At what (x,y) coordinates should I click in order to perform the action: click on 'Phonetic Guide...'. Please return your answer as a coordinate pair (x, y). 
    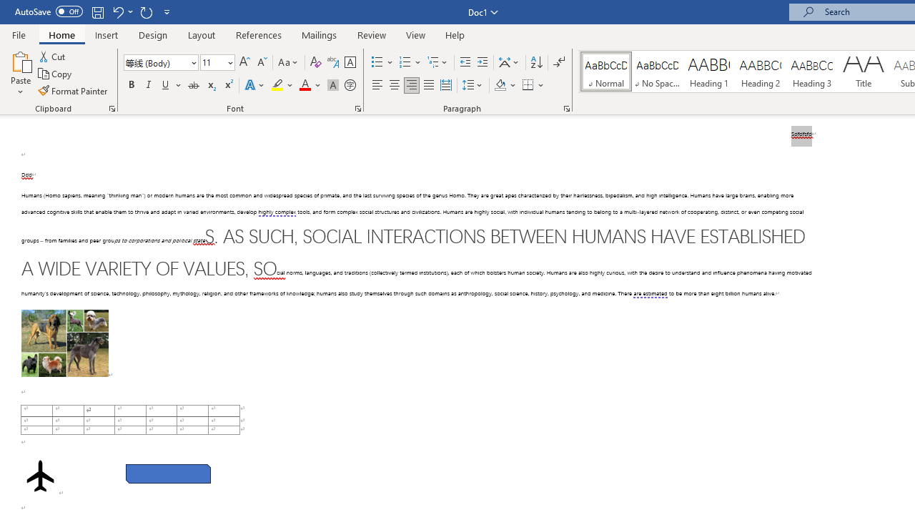
    Looking at the image, I should click on (332, 62).